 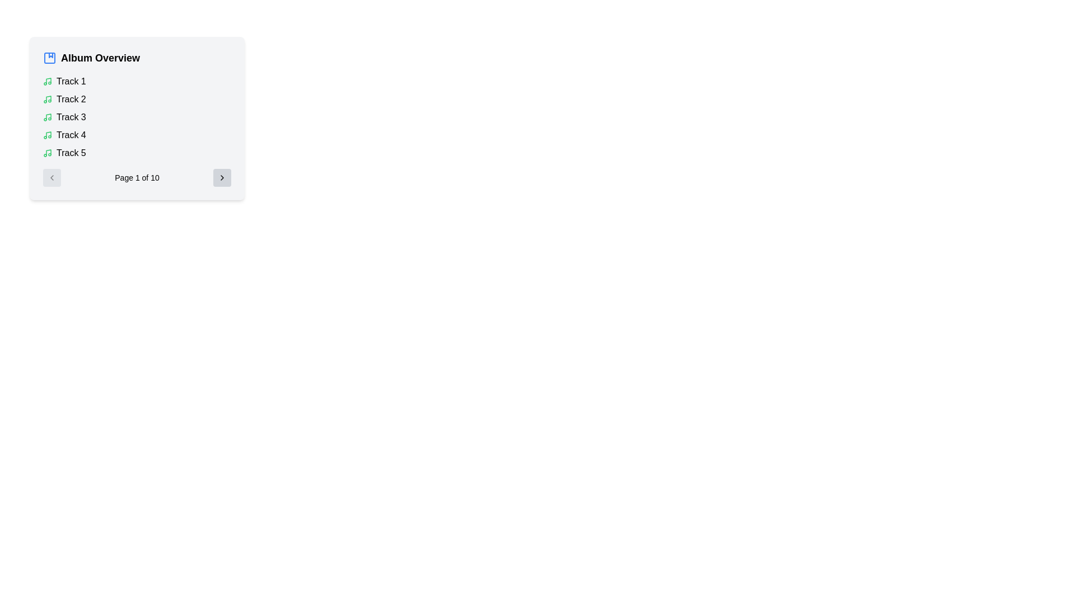 What do you see at coordinates (71, 135) in the screenshot?
I see `the text label 'Track 4' which is positioned in the list of tracks within the 'Album Overview' panel` at bounding box center [71, 135].